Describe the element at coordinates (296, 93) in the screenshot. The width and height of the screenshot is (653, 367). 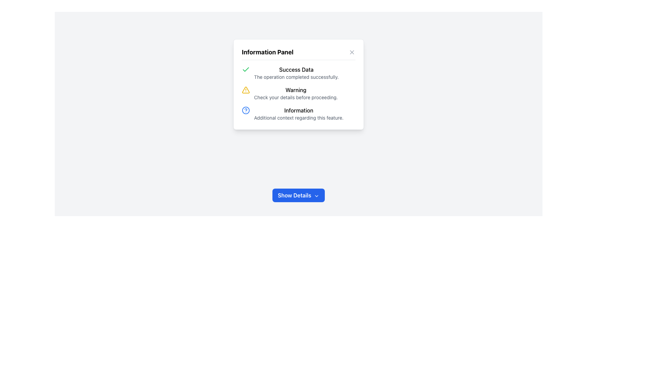
I see `the 'Warning' text in the Information Panel to possibly reveal more information` at that location.